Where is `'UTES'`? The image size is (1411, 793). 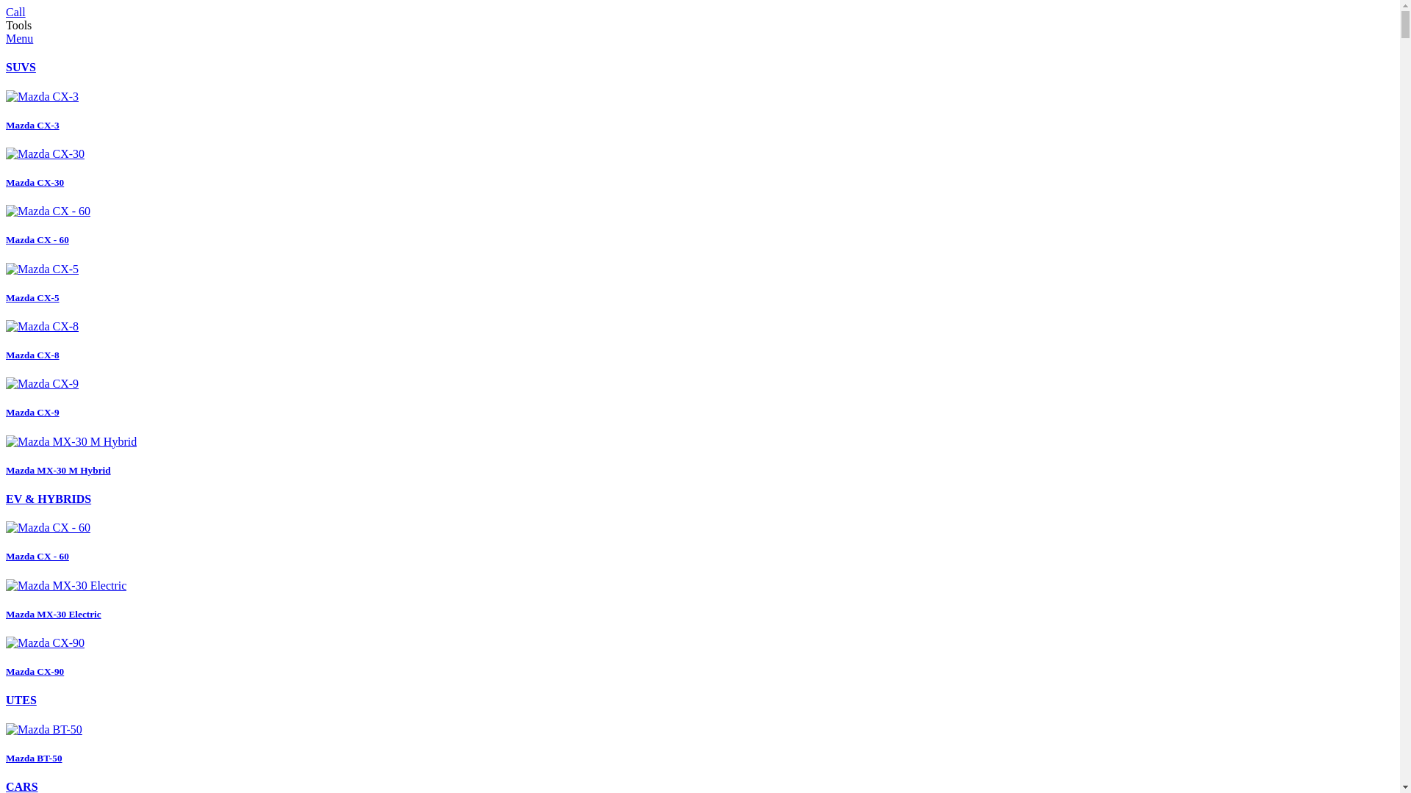 'UTES' is located at coordinates (21, 699).